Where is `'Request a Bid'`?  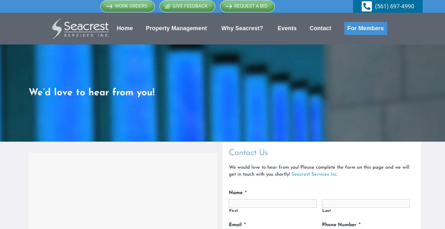 'Request a Bid' is located at coordinates (251, 6).